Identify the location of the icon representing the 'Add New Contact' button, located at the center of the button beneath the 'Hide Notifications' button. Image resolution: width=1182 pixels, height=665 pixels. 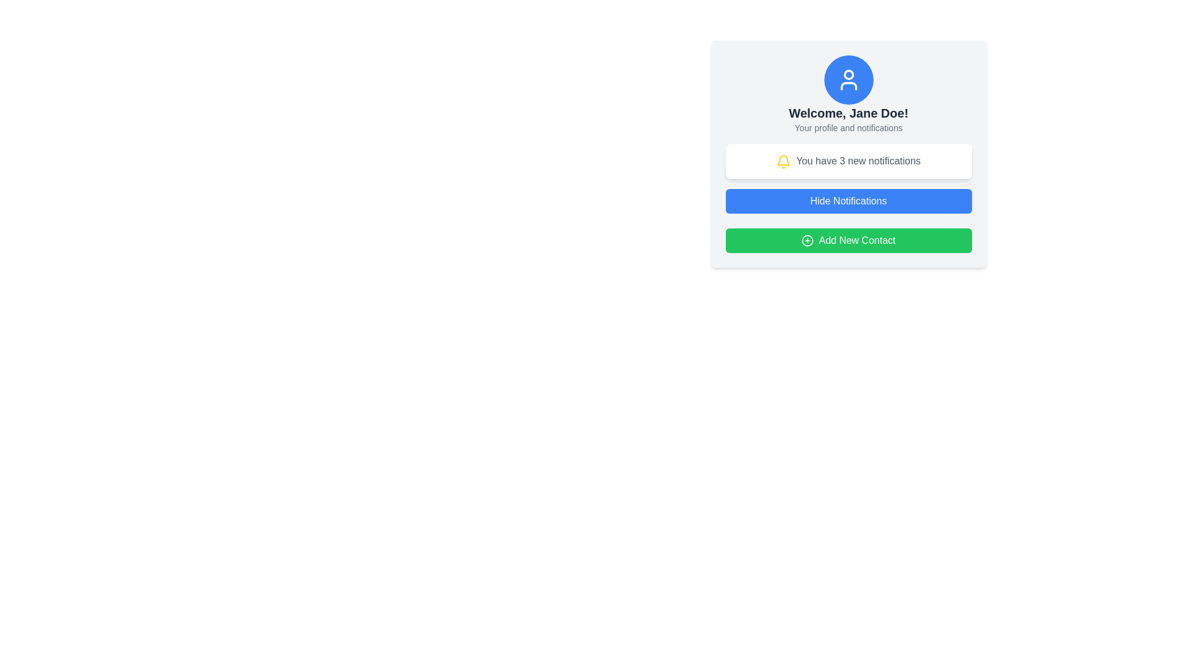
(808, 240).